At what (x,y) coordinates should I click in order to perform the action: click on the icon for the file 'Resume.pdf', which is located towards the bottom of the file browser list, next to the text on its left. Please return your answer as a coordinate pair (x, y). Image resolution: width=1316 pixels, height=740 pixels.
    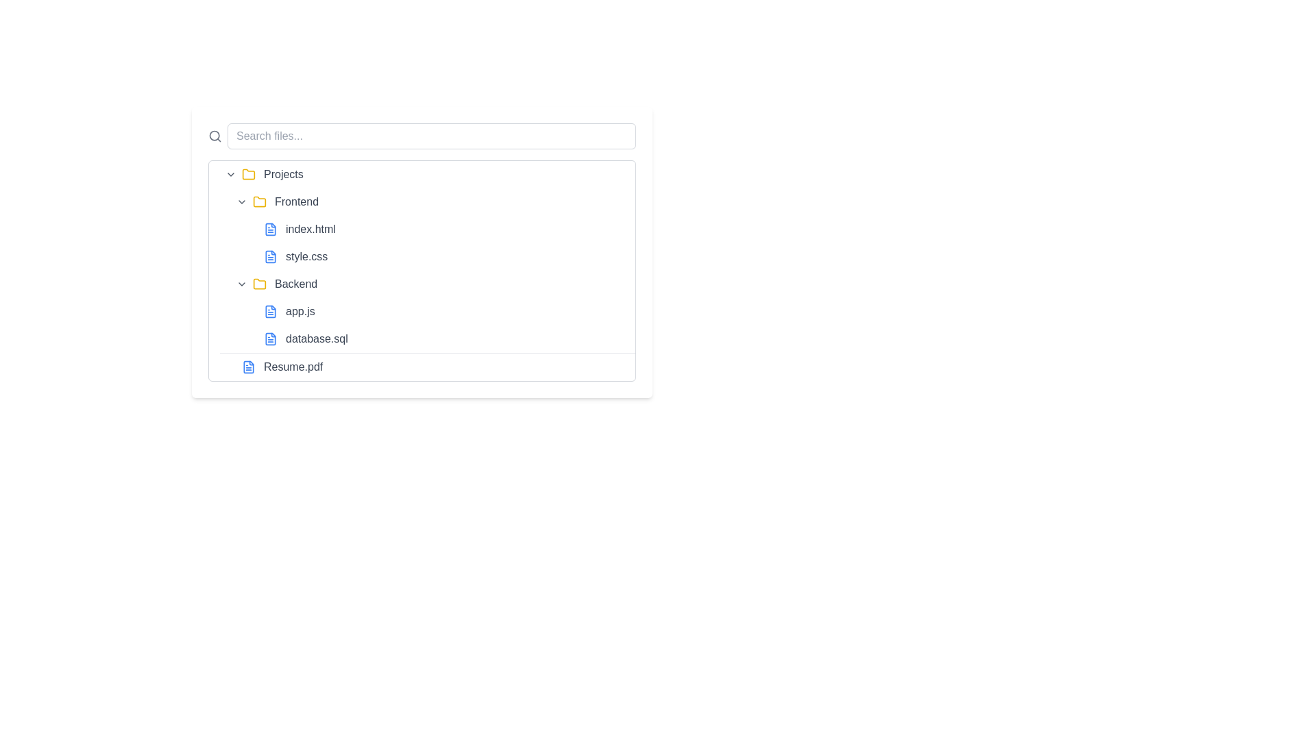
    Looking at the image, I should click on (249, 367).